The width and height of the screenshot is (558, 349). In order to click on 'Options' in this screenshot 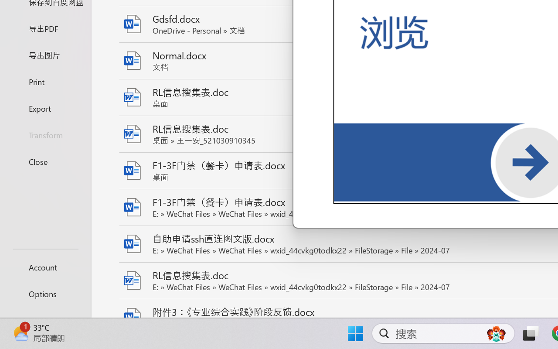, I will do `click(45, 294)`.